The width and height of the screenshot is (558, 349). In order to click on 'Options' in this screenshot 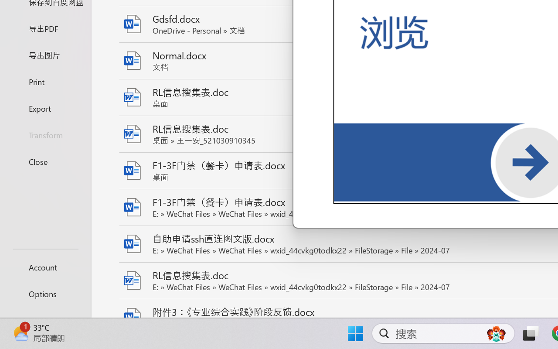, I will do `click(45, 294)`.